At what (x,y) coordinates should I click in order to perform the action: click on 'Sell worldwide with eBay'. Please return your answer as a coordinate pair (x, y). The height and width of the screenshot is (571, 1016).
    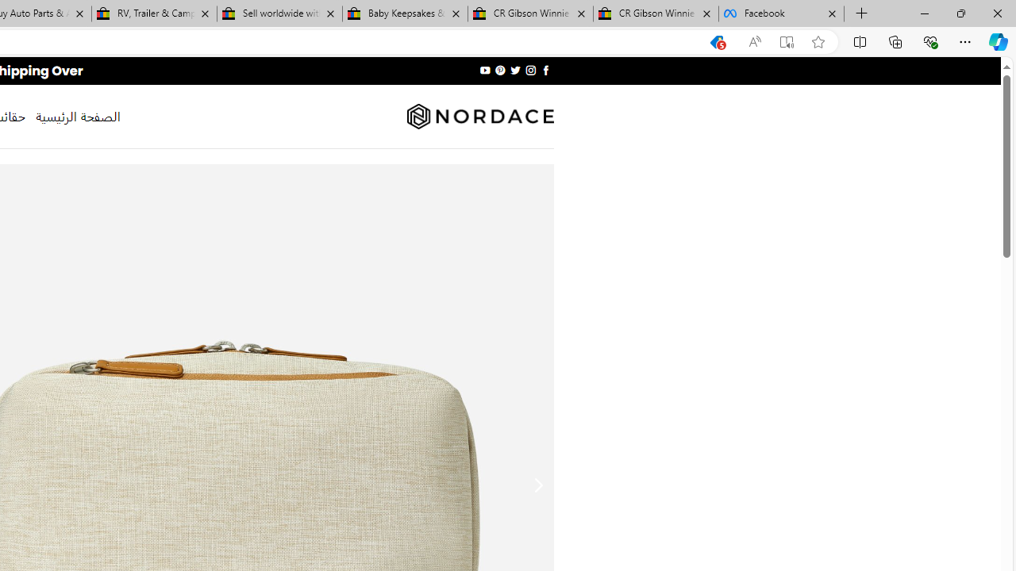
    Looking at the image, I should click on (279, 13).